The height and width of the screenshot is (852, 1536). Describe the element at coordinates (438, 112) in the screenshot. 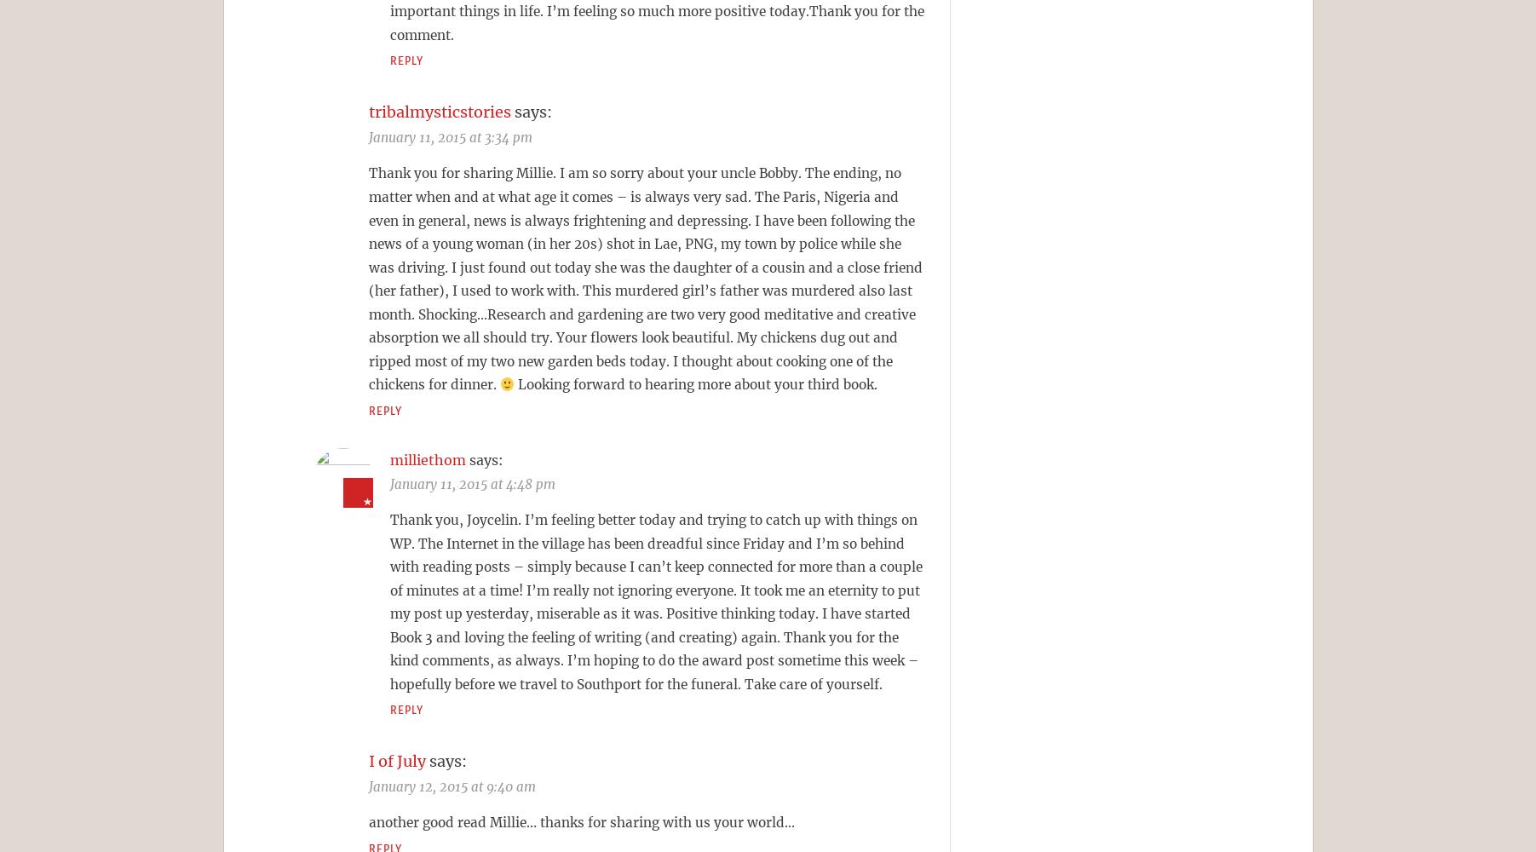

I see `'tribalmysticstories'` at that location.